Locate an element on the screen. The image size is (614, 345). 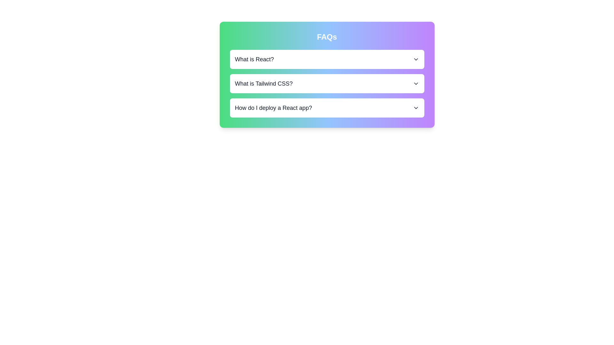
the SVG chevron icon located at the end of the last row of the FAQ card next to the text 'How do I deploy a React app?' is located at coordinates (416, 108).